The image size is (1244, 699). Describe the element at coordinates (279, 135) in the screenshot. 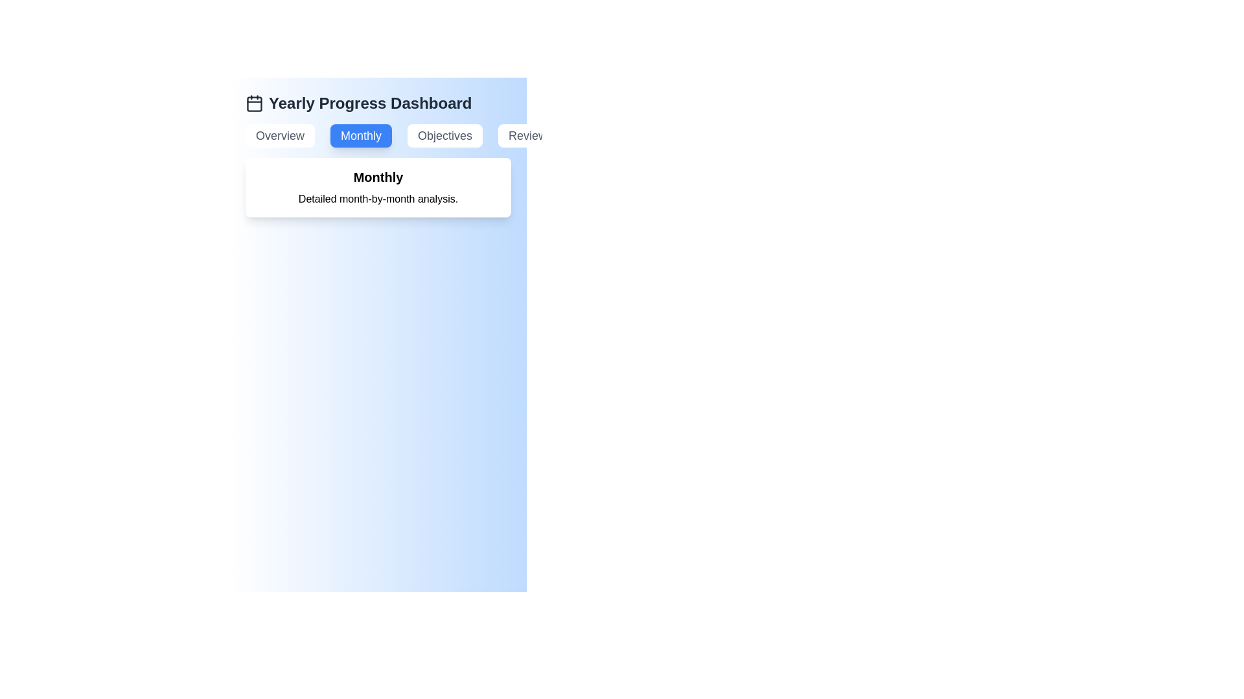

I see `the Overview tab to view its content` at that location.